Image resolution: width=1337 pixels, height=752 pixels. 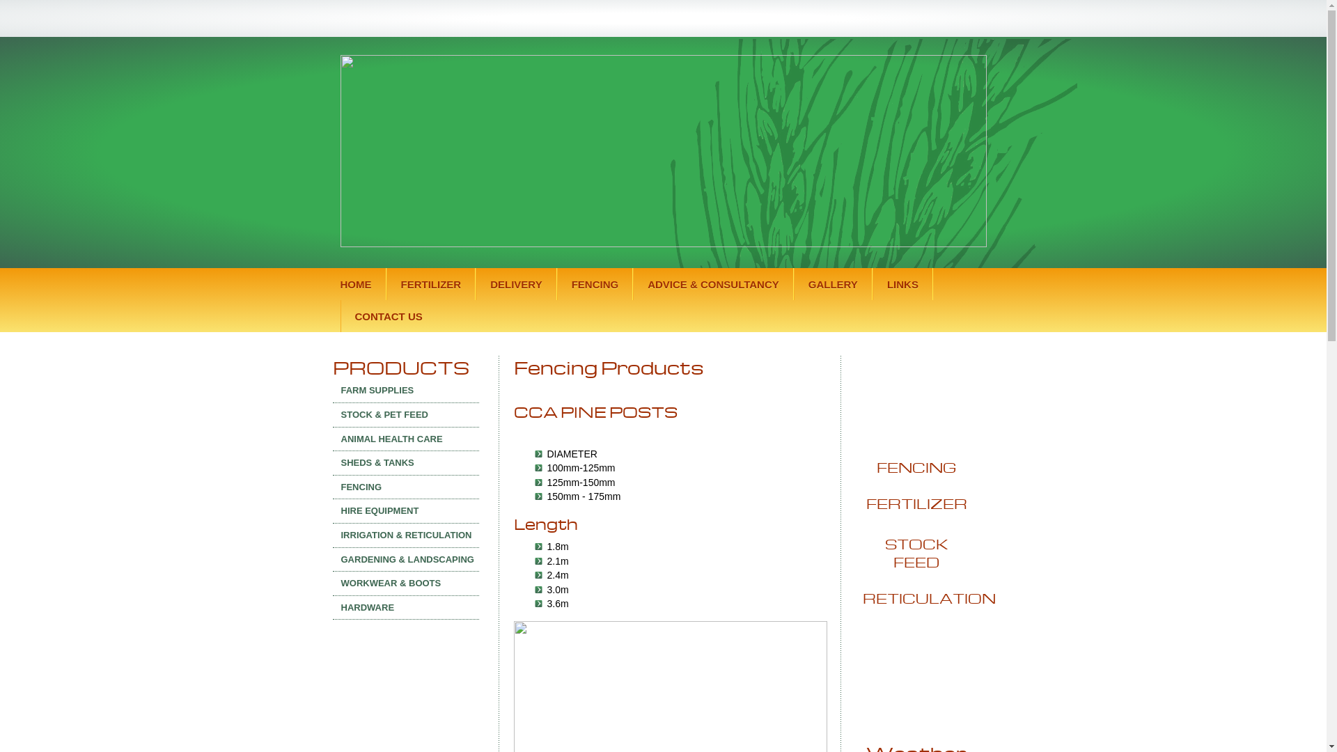 What do you see at coordinates (405, 414) in the screenshot?
I see `'STOCK & PET FEED'` at bounding box center [405, 414].